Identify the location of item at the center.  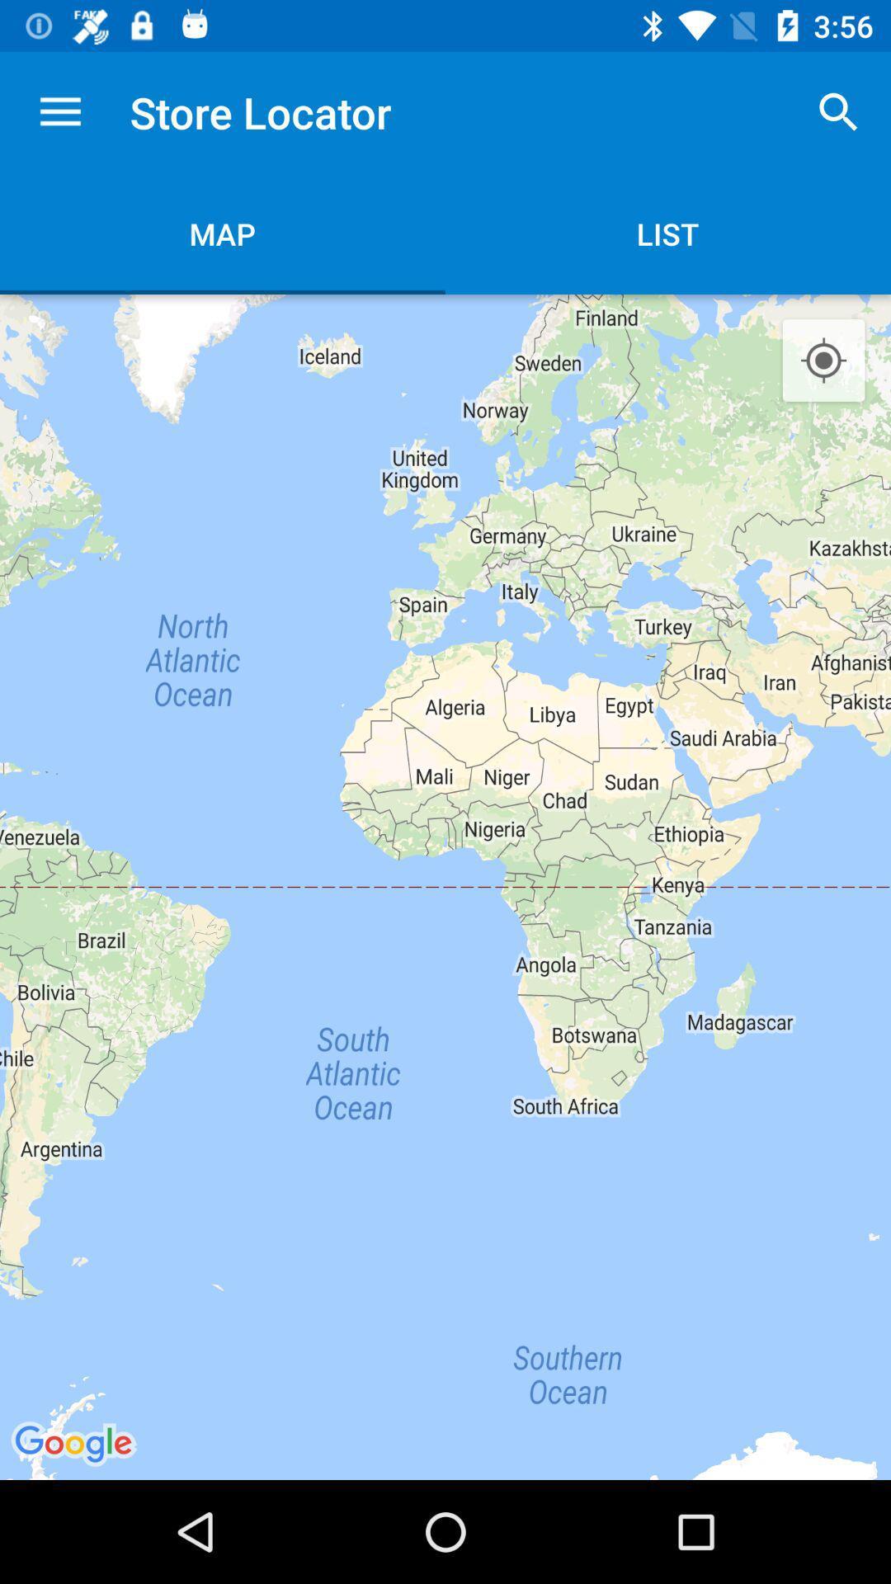
(445, 886).